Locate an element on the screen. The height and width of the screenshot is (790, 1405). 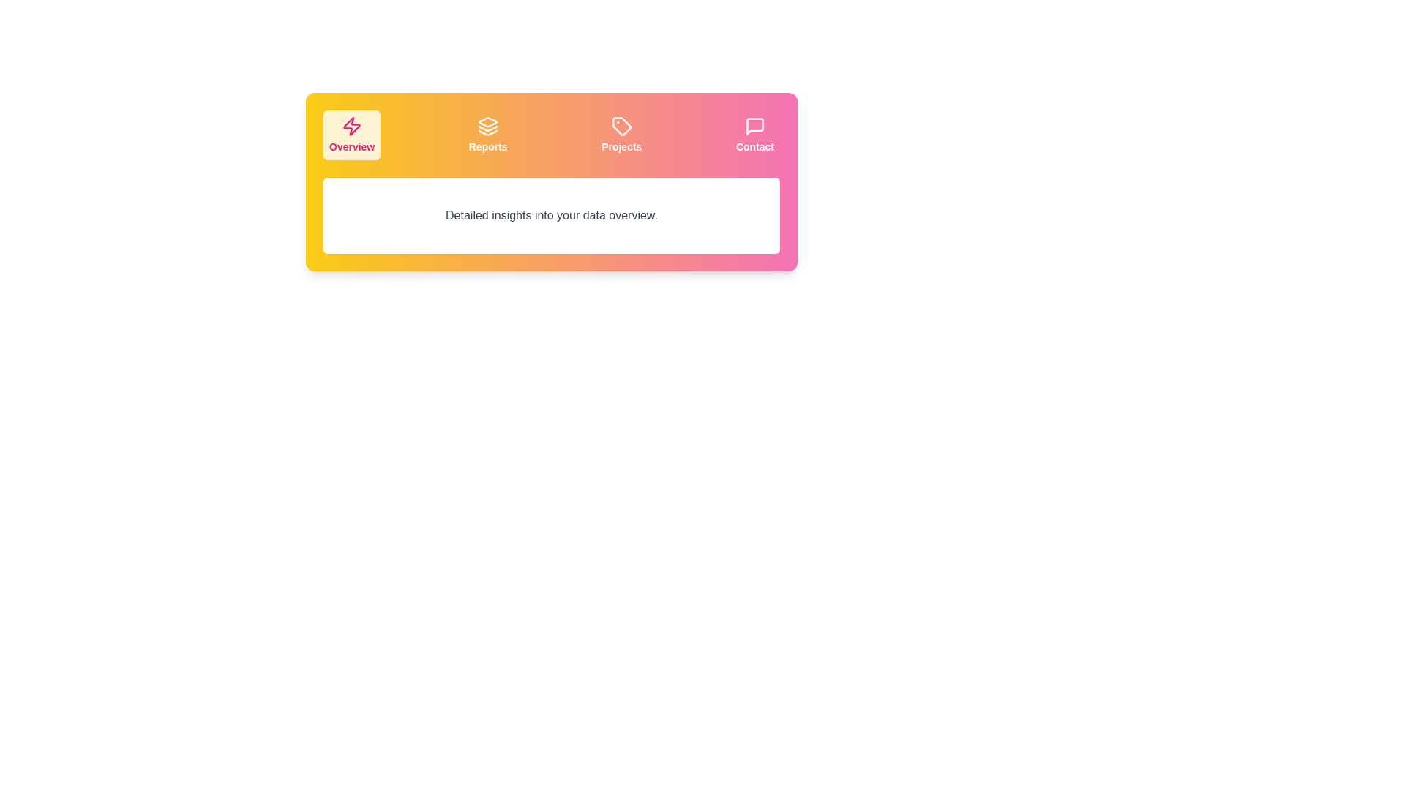
the pink zigzag lightning-like icon located within a yellow rectangular background in the top-left corner of the gradient bar, positioned above the 'Overview' label is located at coordinates (352, 126).